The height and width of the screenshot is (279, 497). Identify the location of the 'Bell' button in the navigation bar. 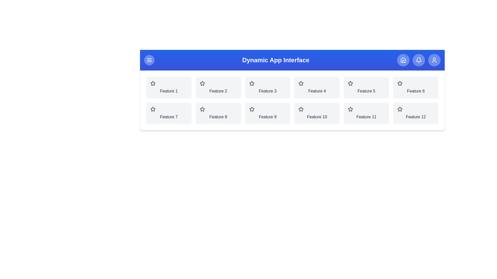
(419, 60).